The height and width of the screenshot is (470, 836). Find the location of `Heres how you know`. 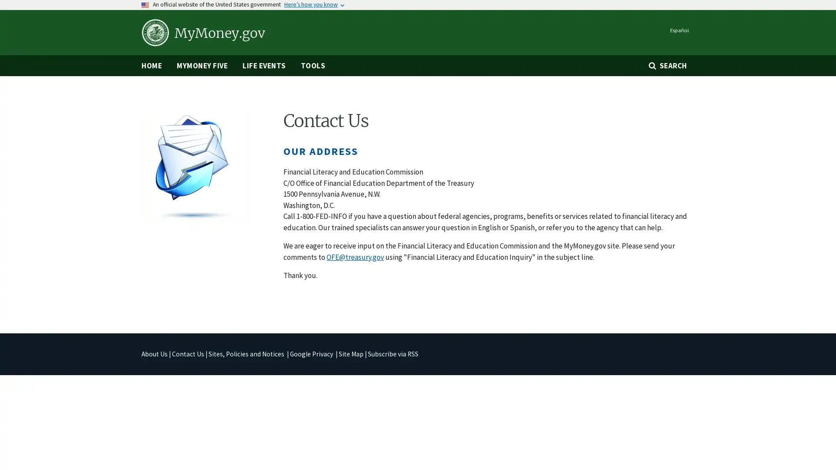

Heres how you know is located at coordinates (311, 5).